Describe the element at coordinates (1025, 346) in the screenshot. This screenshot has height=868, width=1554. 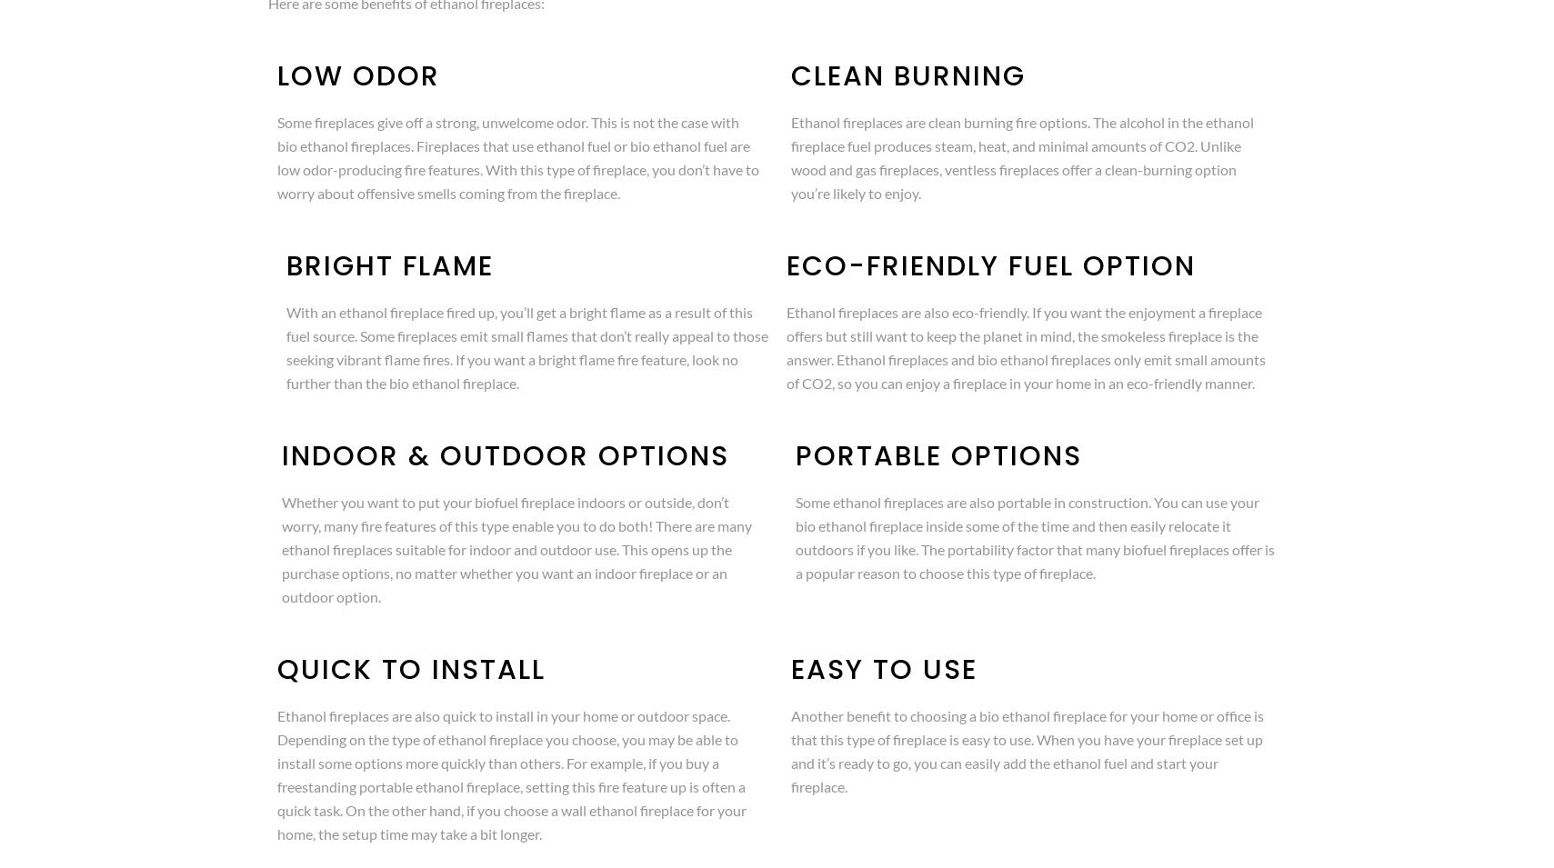
I see `'Ethanol fireplaces are also eco-friendly. If you want the enjoyment a fireplace offers but still want to keep the planet in mind, the smokeless fireplace is the answer. Ethanol fireplaces and bio ethanol fireplaces only emit small amounts of CO2, so you can enjoy a fireplace in your home in an eco-friendly manner.'` at that location.